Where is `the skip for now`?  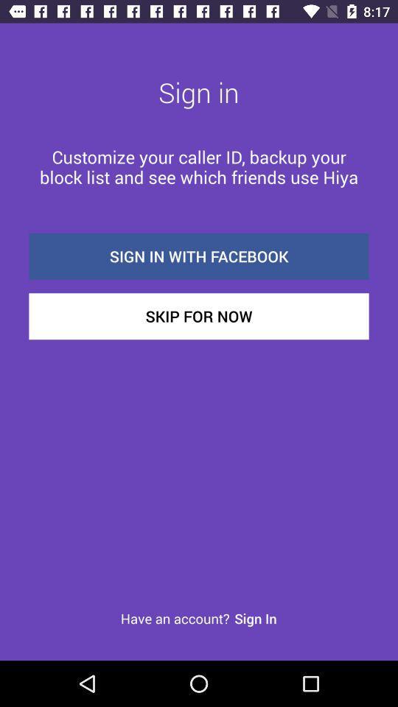 the skip for now is located at coordinates (199, 316).